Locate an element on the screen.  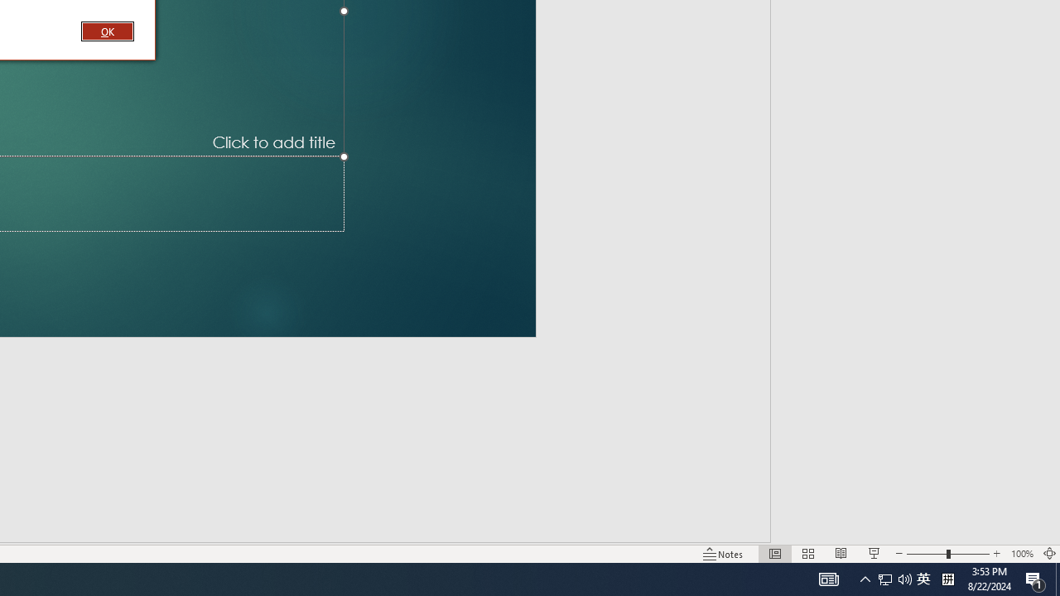
'OK' is located at coordinates (107, 31).